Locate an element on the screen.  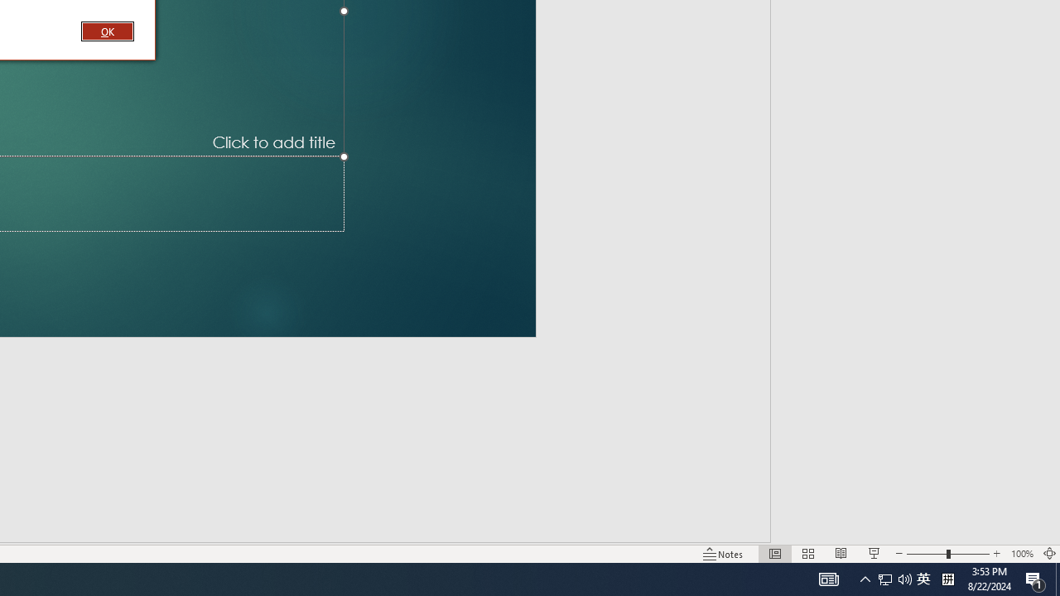
'OK' is located at coordinates (107, 31).